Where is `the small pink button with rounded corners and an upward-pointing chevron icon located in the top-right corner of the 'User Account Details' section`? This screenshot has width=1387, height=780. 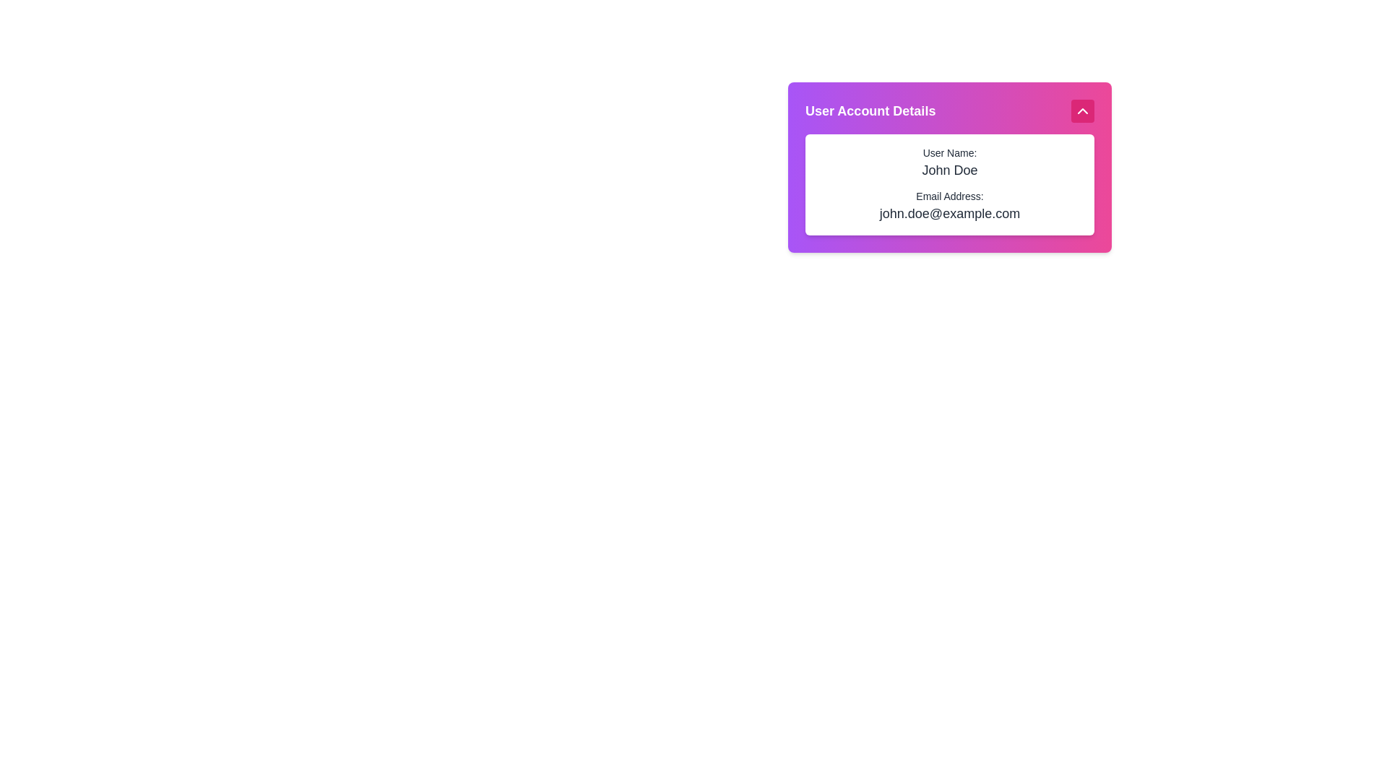
the small pink button with rounded corners and an upward-pointing chevron icon located in the top-right corner of the 'User Account Details' section is located at coordinates (1082, 110).